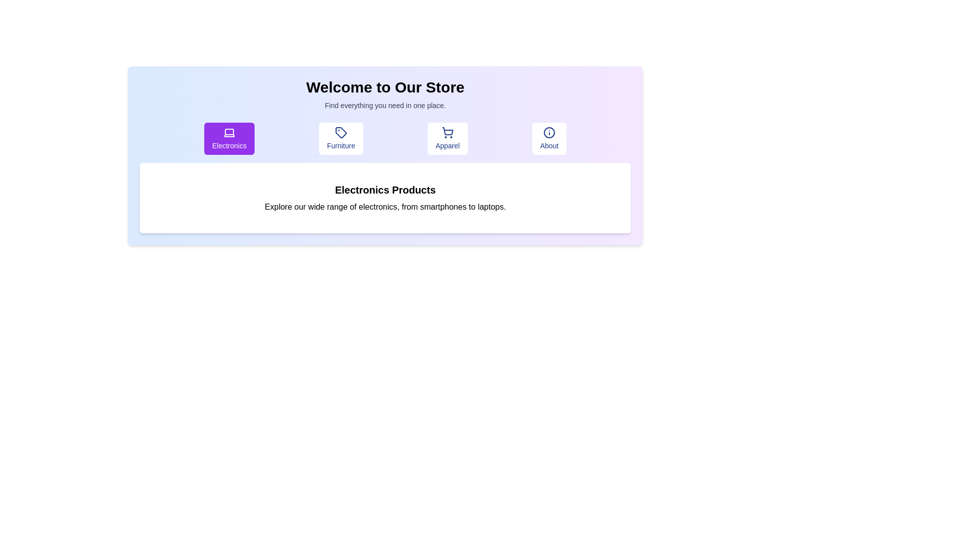  What do you see at coordinates (548, 132) in the screenshot?
I see `the circle graphic element that serves as the outer boundary of the 'About' icon located in the top-right section of the 'Welcome to Our Store' options` at bounding box center [548, 132].